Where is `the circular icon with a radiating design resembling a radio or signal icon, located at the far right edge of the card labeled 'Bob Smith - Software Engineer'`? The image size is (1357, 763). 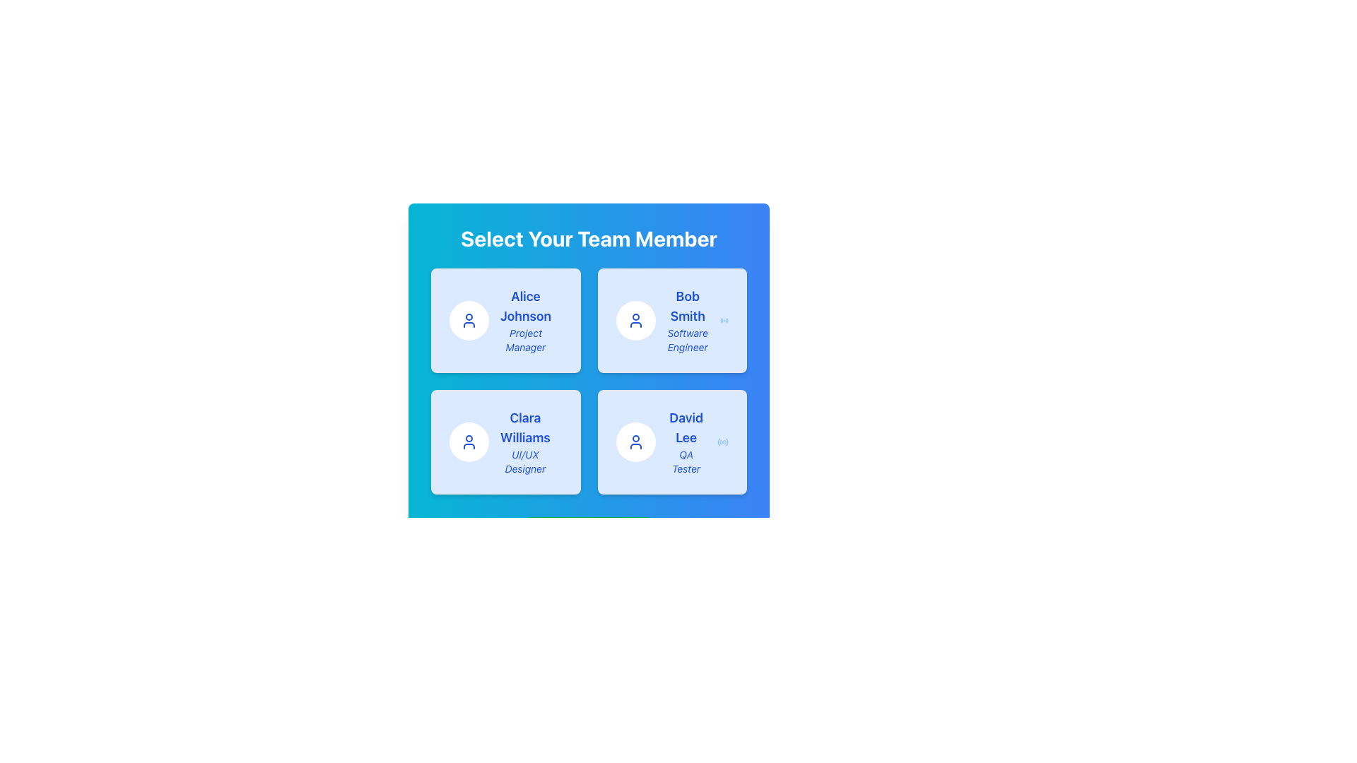 the circular icon with a radiating design resembling a radio or signal icon, located at the far right edge of the card labeled 'Bob Smith - Software Engineer' is located at coordinates (724, 321).